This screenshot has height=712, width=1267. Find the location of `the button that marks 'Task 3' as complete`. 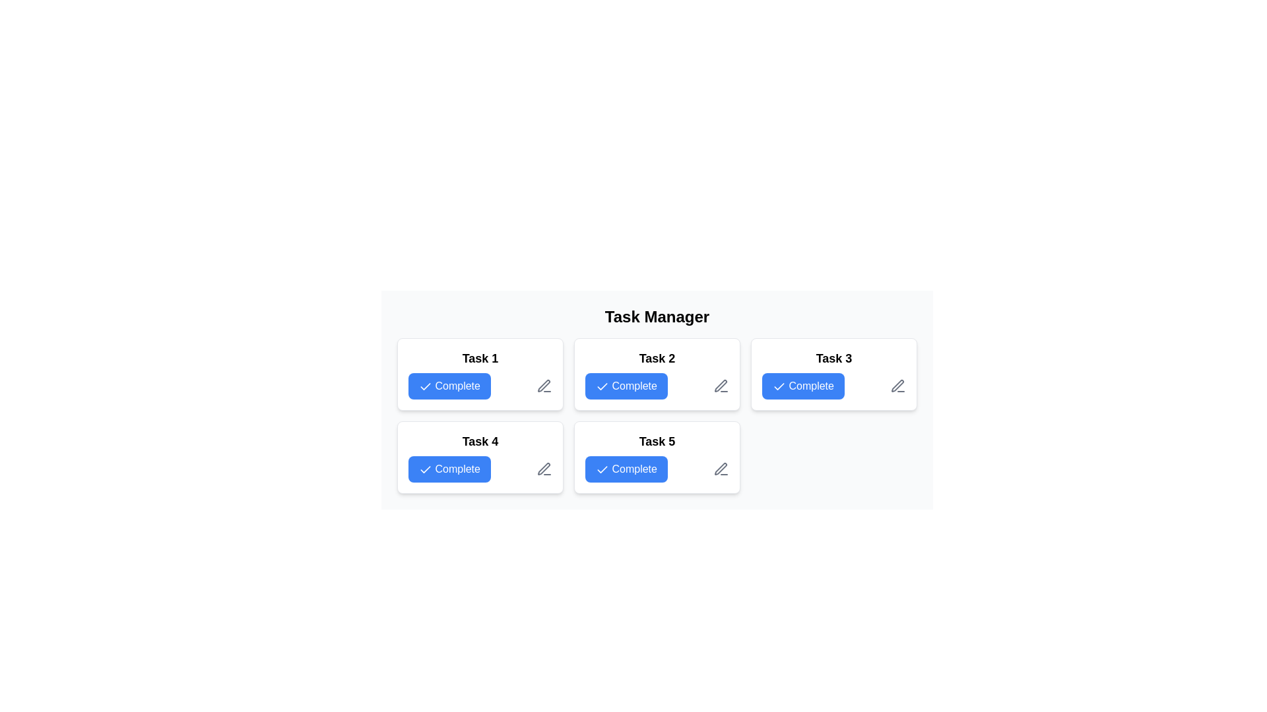

the button that marks 'Task 3' as complete is located at coordinates (833, 386).